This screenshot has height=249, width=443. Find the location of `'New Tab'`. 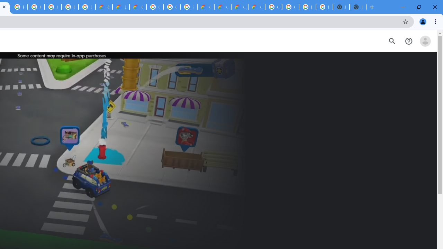

'New Tab' is located at coordinates (358, 7).